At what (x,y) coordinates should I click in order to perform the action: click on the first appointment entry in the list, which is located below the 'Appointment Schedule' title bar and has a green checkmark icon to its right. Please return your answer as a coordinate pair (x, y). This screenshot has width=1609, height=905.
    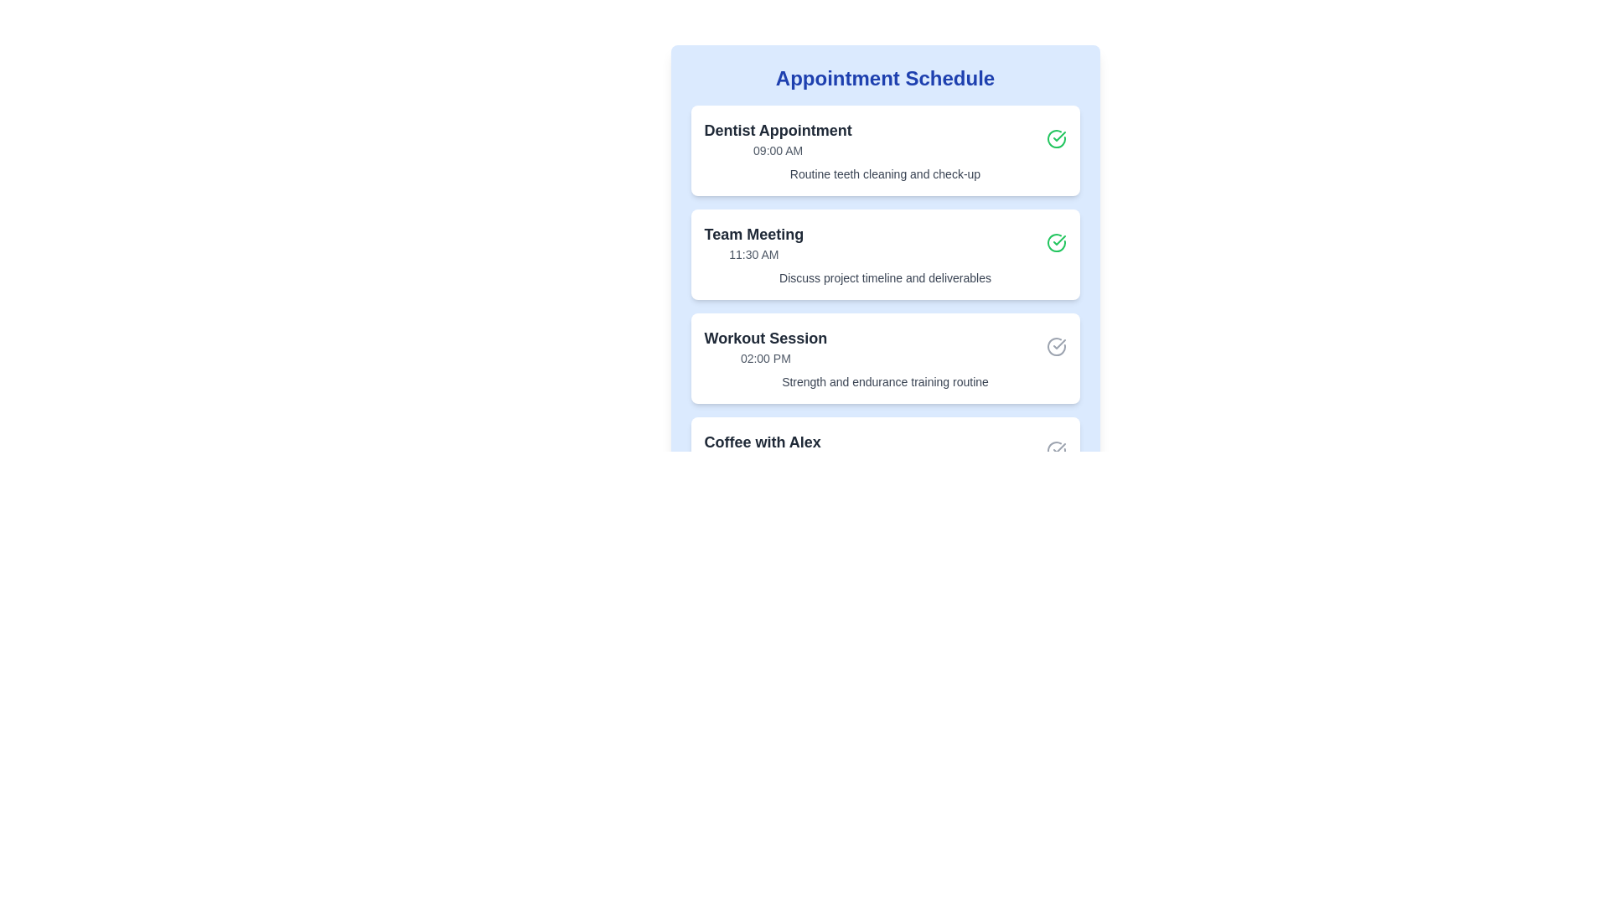
    Looking at the image, I should click on (777, 137).